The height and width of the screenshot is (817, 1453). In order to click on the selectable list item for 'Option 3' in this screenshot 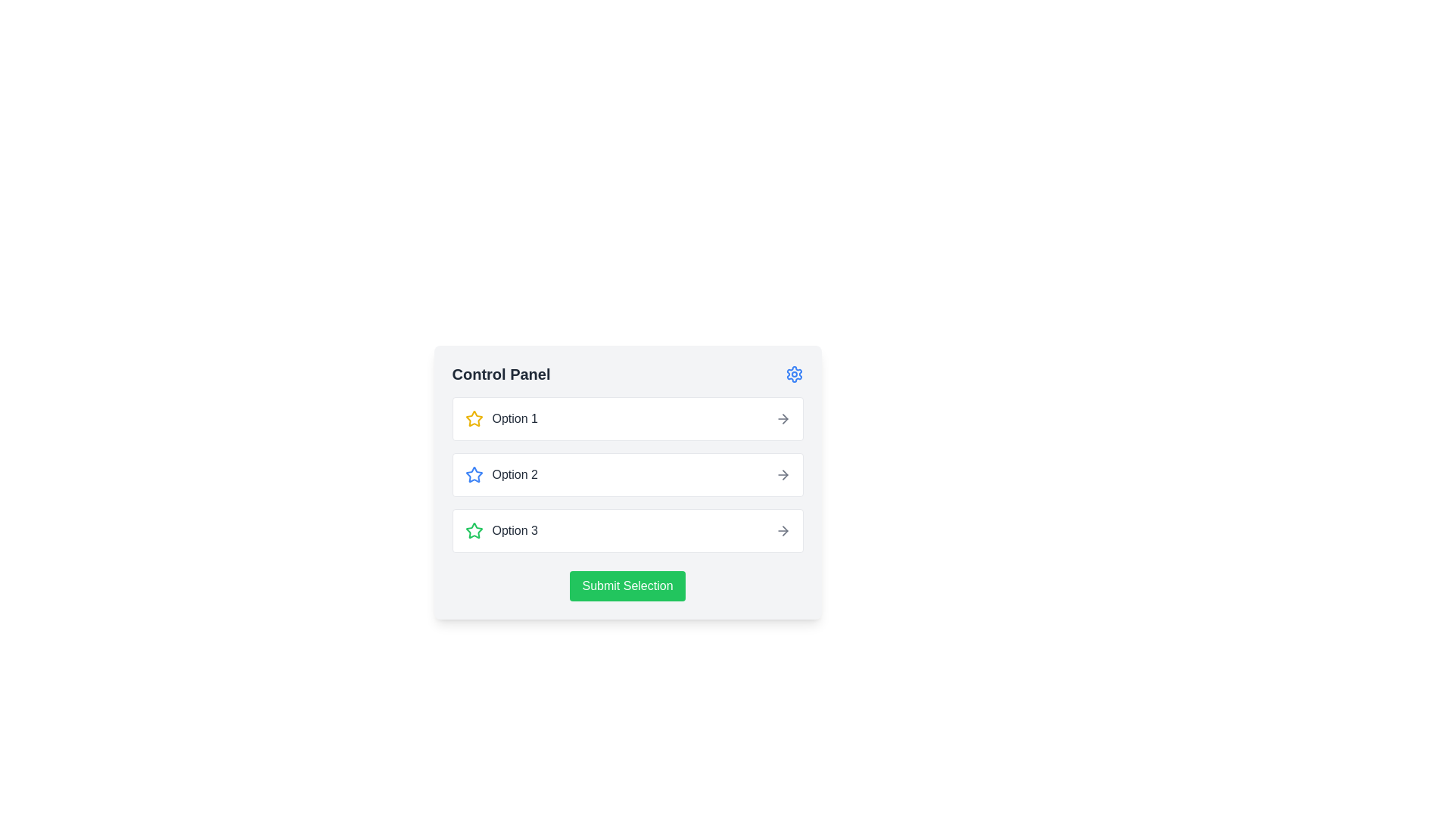, I will do `click(627, 530)`.